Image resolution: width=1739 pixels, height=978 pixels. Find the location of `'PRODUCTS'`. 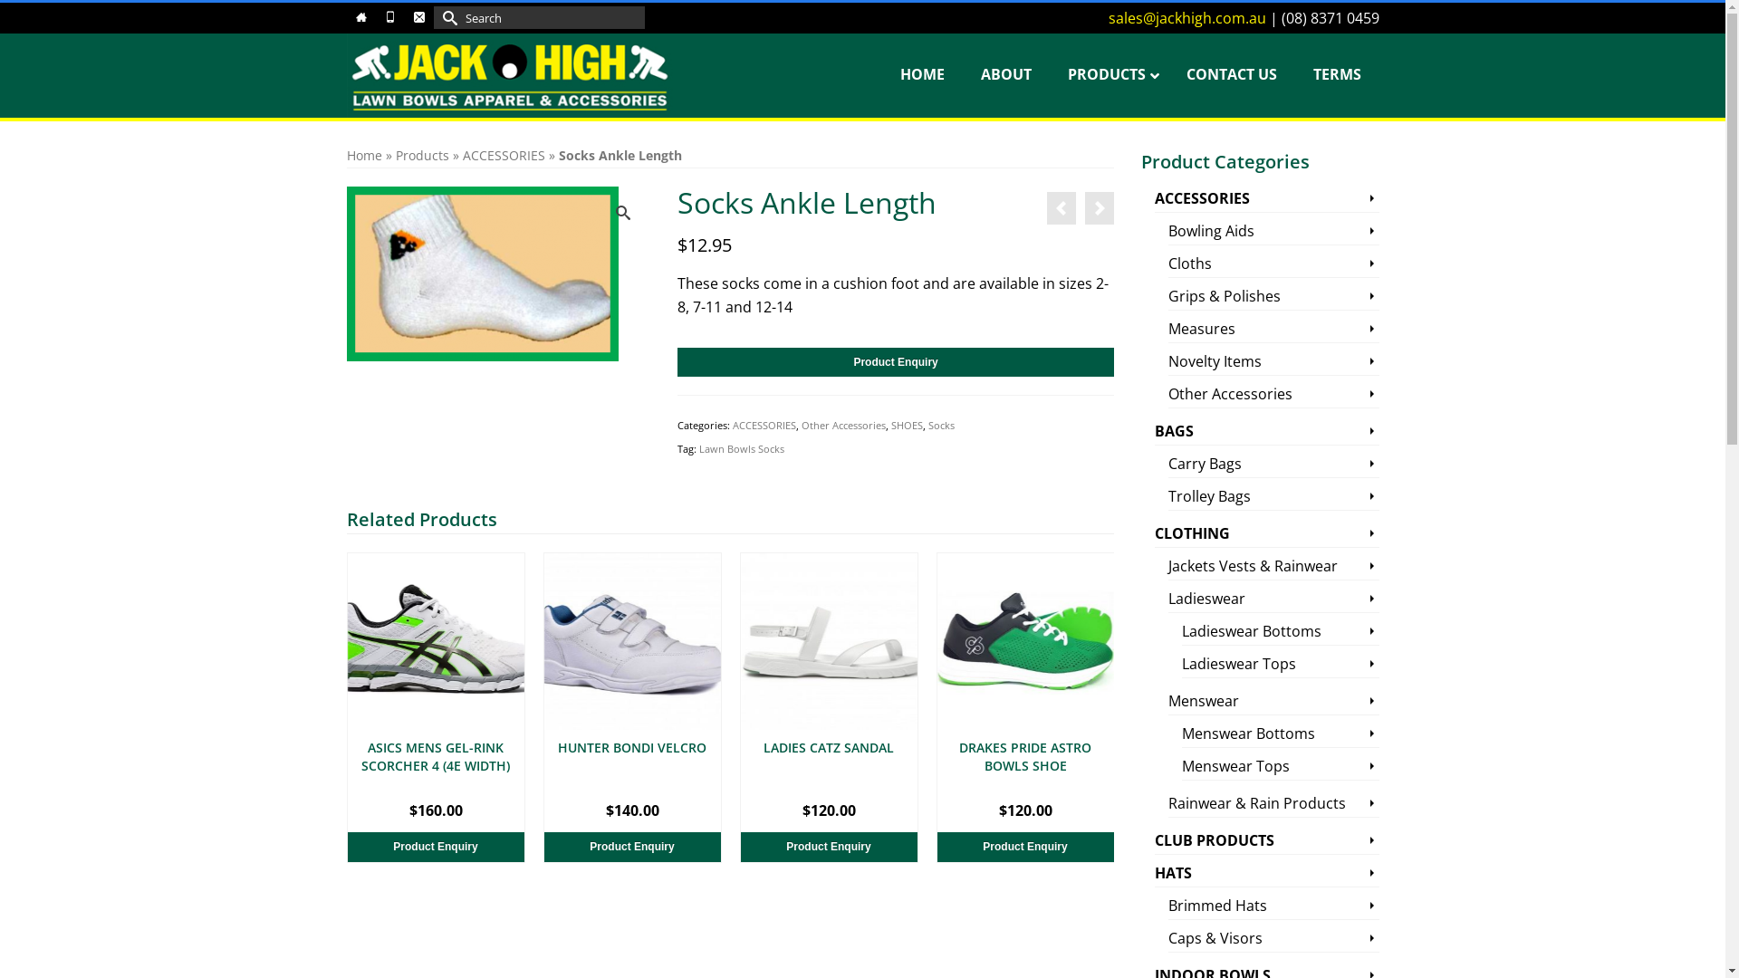

'PRODUCTS' is located at coordinates (1107, 73).